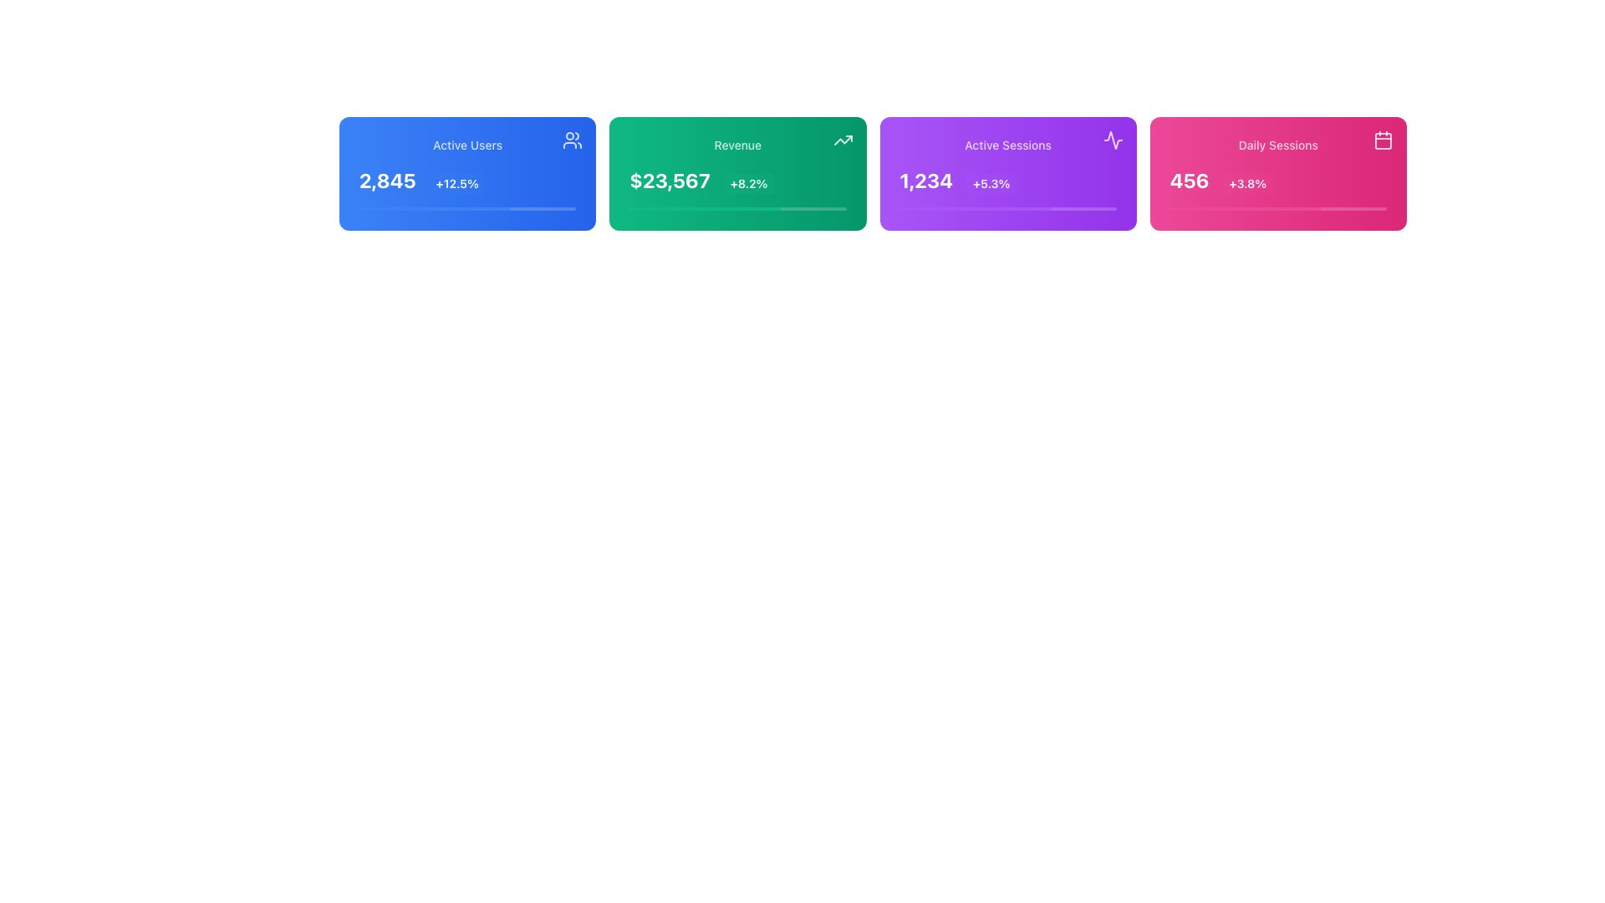  I want to click on the Data display element showing the number '456' and the percentage '+3.8%' in the 'Daily Sessions' section, so click(1277, 181).